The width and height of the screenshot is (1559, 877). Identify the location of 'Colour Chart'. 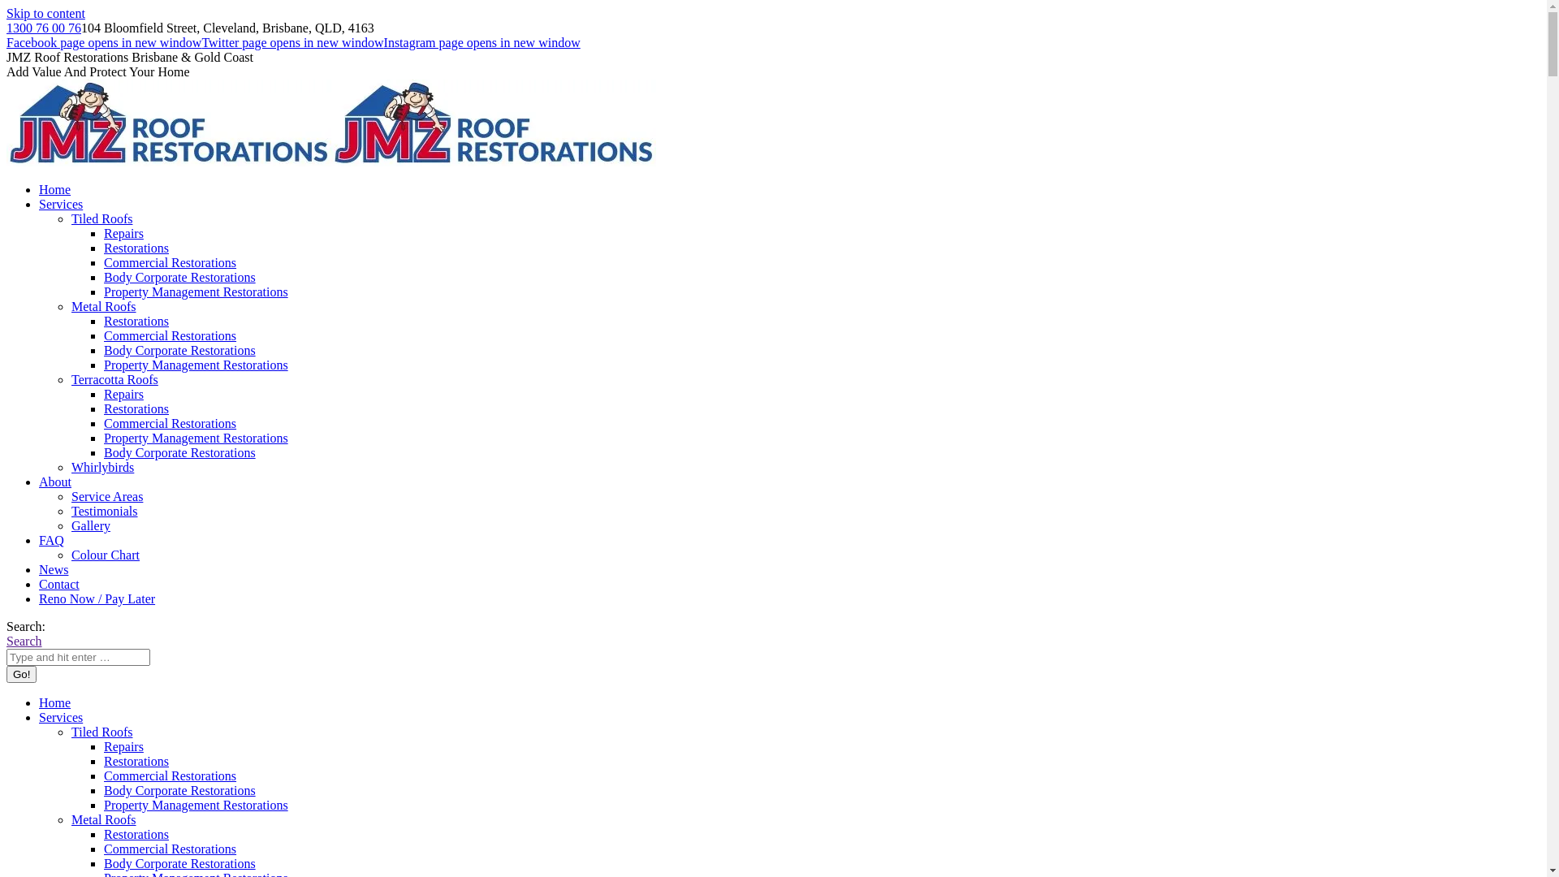
(104, 554).